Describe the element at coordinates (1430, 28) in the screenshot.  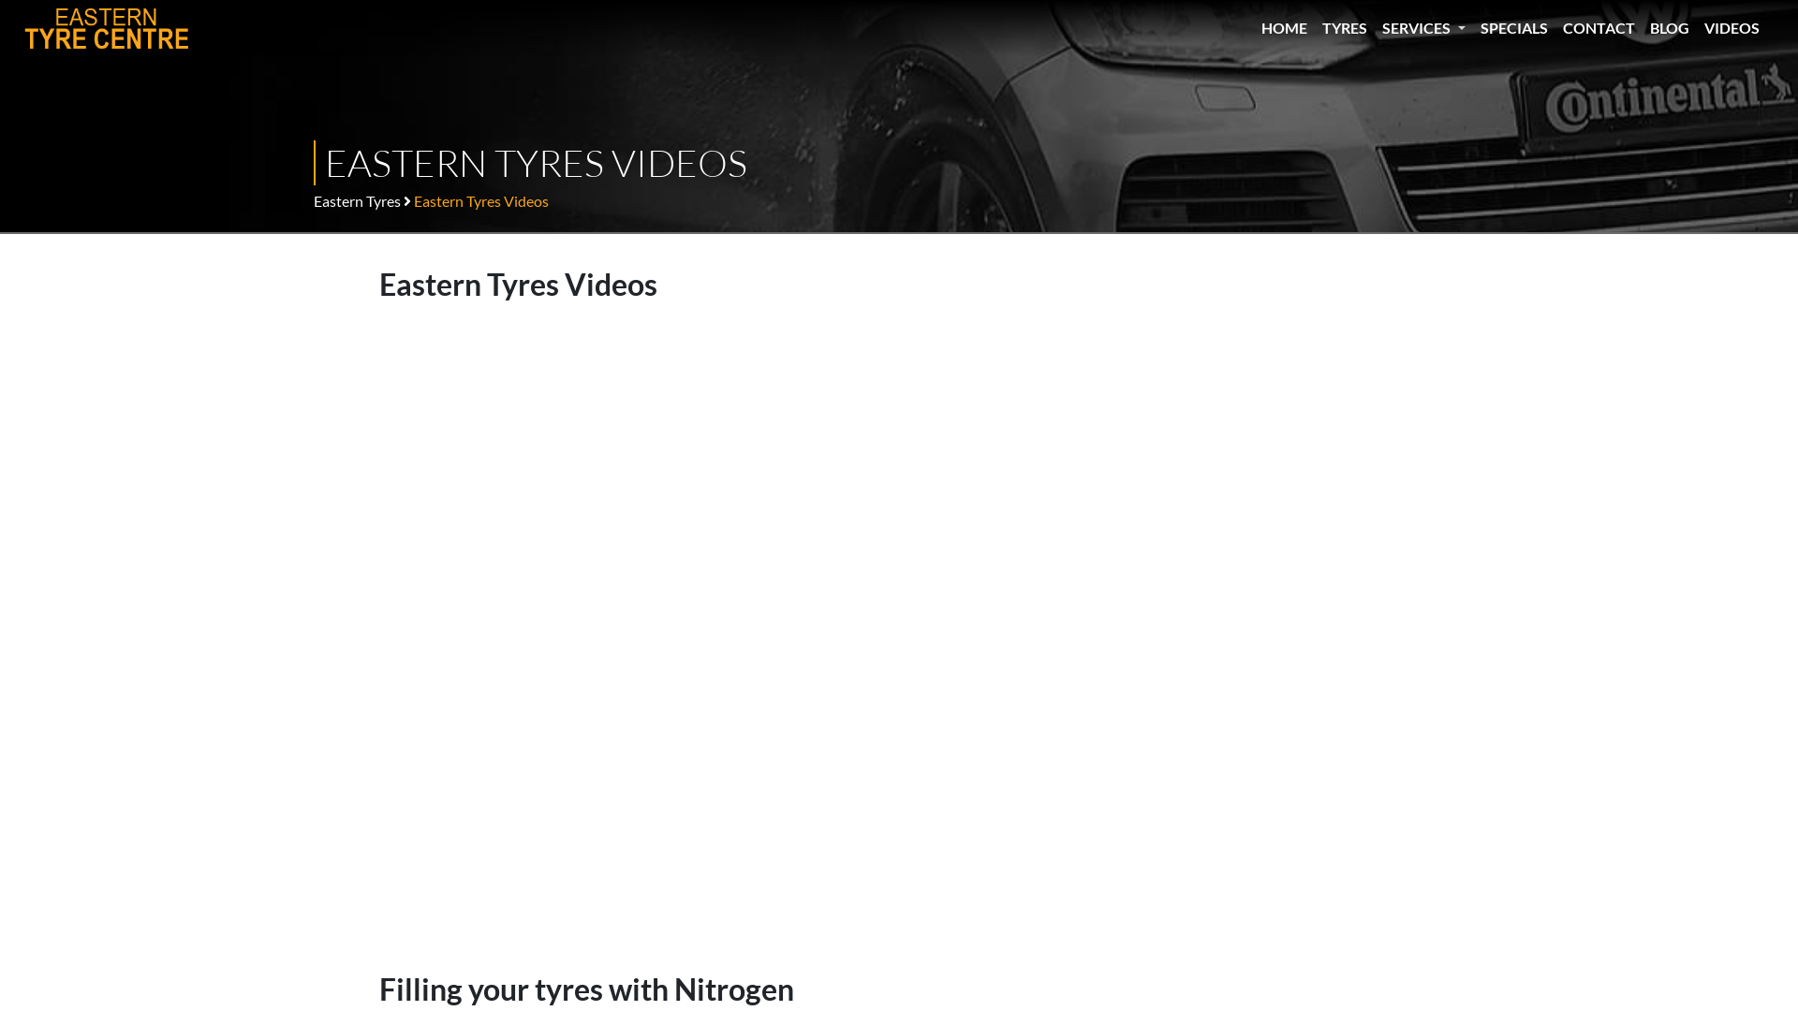
I see `'SERVICES'` at that location.